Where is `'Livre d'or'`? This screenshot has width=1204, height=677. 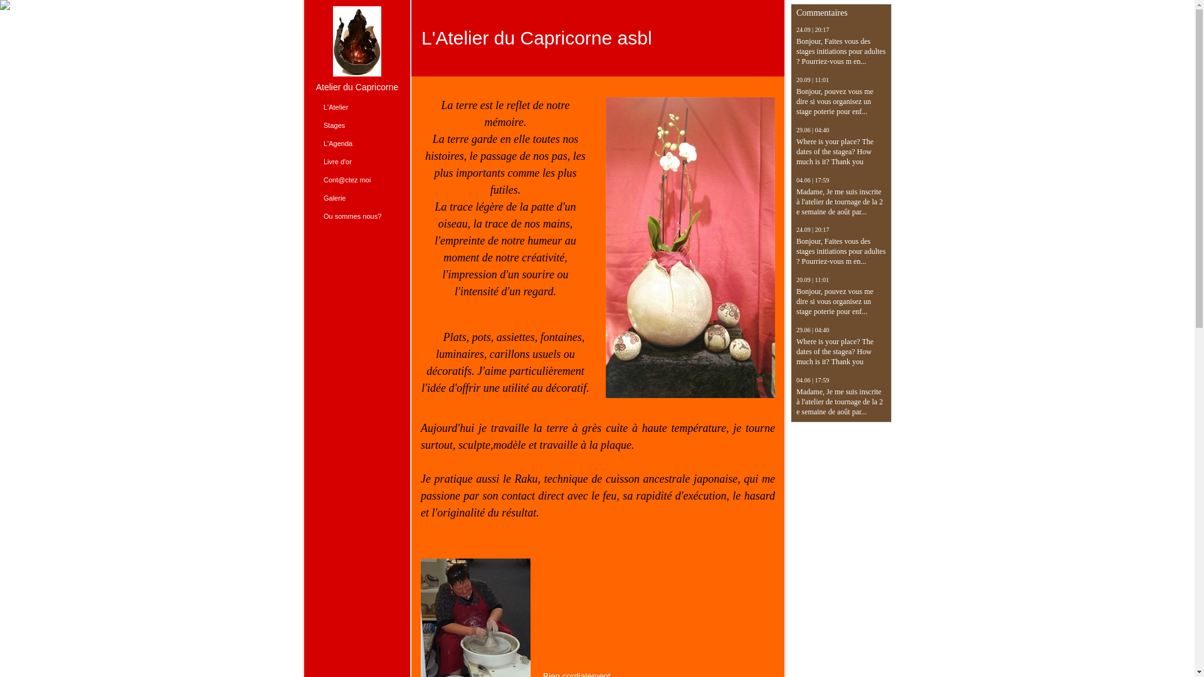 'Livre d'or' is located at coordinates (356, 161).